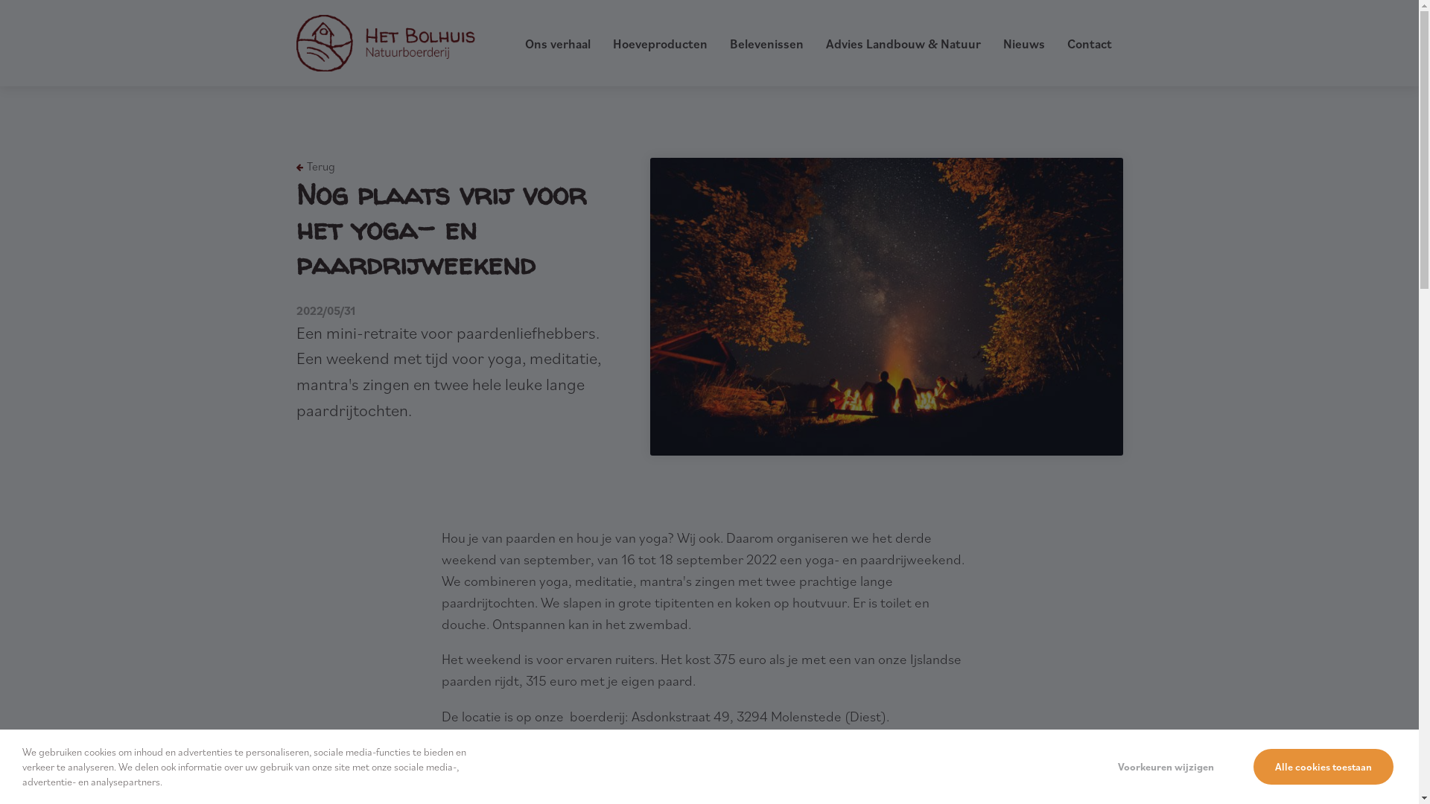 Image resolution: width=1430 pixels, height=804 pixels. What do you see at coordinates (658, 42) in the screenshot?
I see `'Hoeveproducten'` at bounding box center [658, 42].